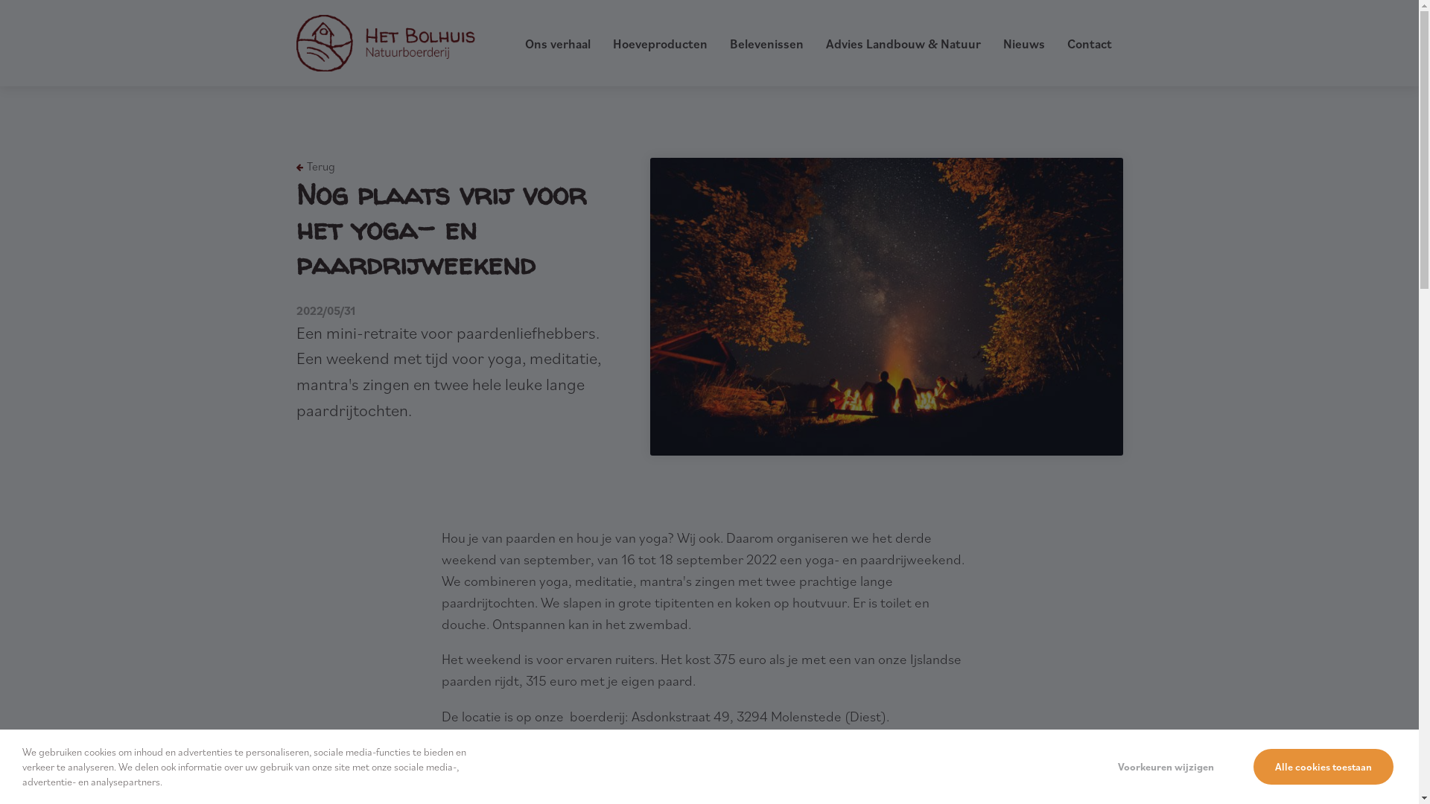 Image resolution: width=1430 pixels, height=804 pixels. What do you see at coordinates (658, 42) in the screenshot?
I see `'Hoeveproducten'` at bounding box center [658, 42].